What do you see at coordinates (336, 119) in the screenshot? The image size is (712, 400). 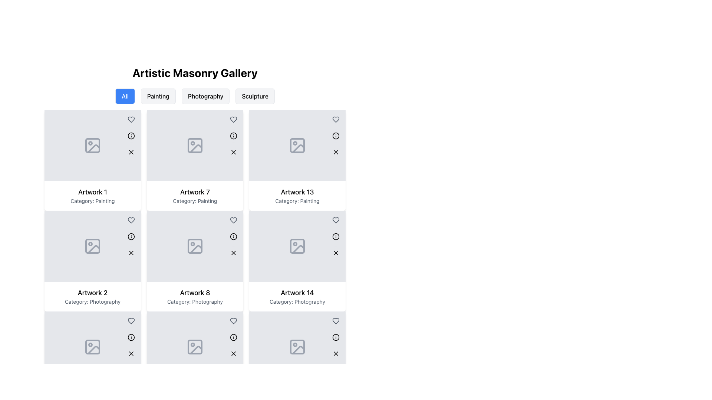 I see `the icon button in the top-right corner of the card labeled 'Artwork 13' to mark the artwork as favorite` at bounding box center [336, 119].